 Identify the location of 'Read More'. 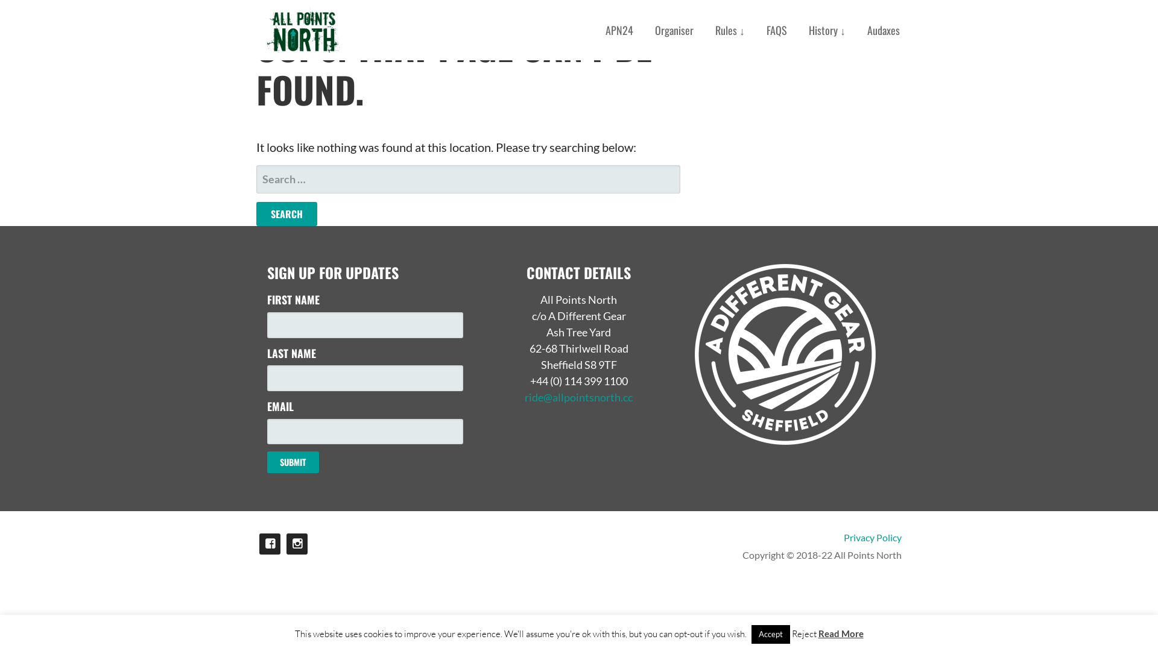
(840, 632).